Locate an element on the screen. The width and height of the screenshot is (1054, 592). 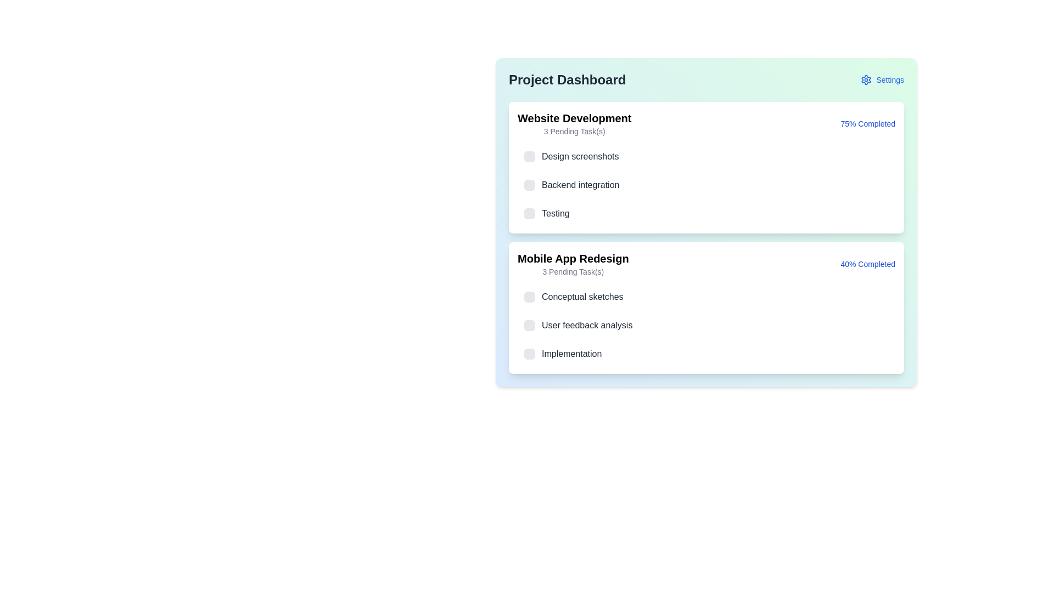
the interactive toggle or checkbox icon located to the left of the 'Testing' text label within the 'Website Development' card in the top section of the dashboard to interact with it is located at coordinates (529, 213).